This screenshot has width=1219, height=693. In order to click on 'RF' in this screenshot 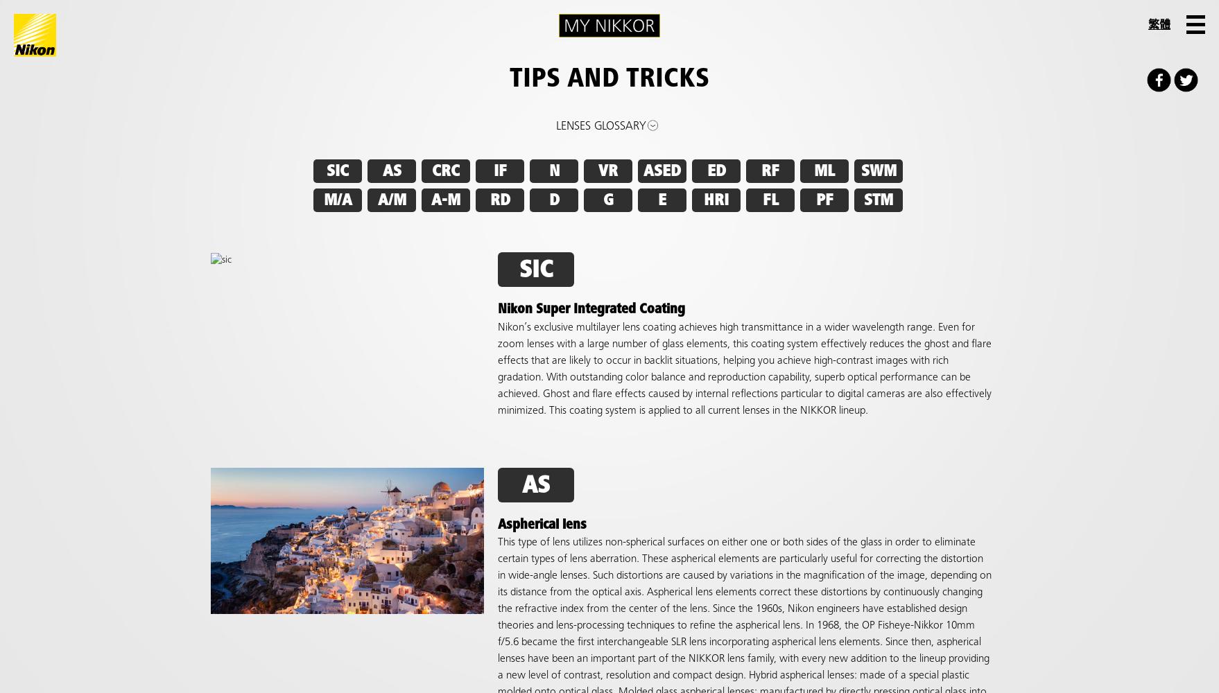, I will do `click(770, 170)`.